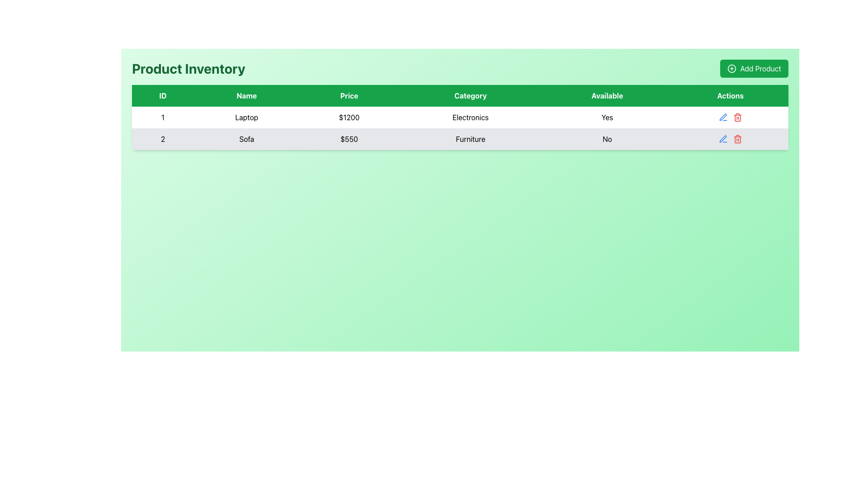 This screenshot has height=488, width=868. I want to click on the text label displaying the unique identifier for the row in the 'Product Inventory' table, located in the second row and first column, so click(163, 139).